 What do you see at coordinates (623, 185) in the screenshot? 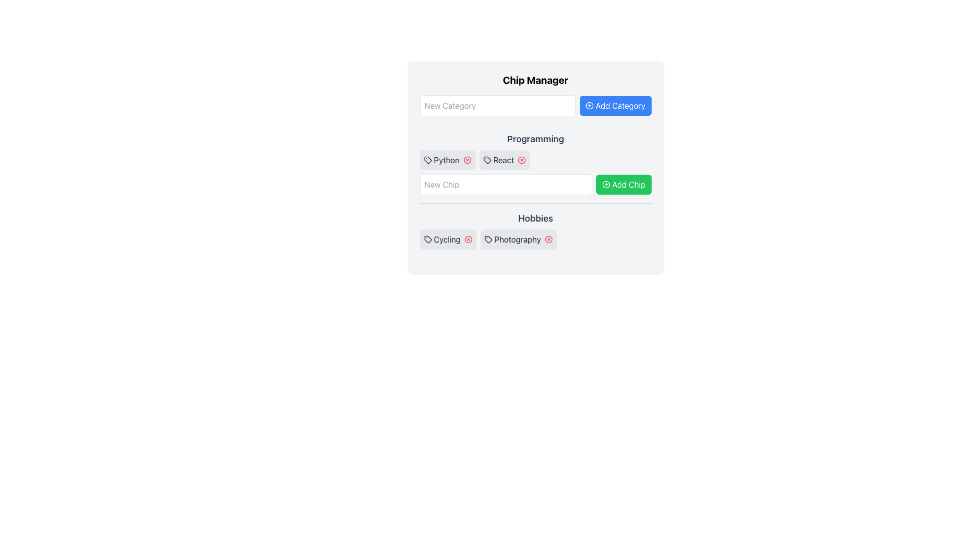
I see `the 'Add Chip' button located in the lower-right corner of the 'New Chip' text input field within the 'Programming' section of the 'Chip Manager' interface` at bounding box center [623, 185].